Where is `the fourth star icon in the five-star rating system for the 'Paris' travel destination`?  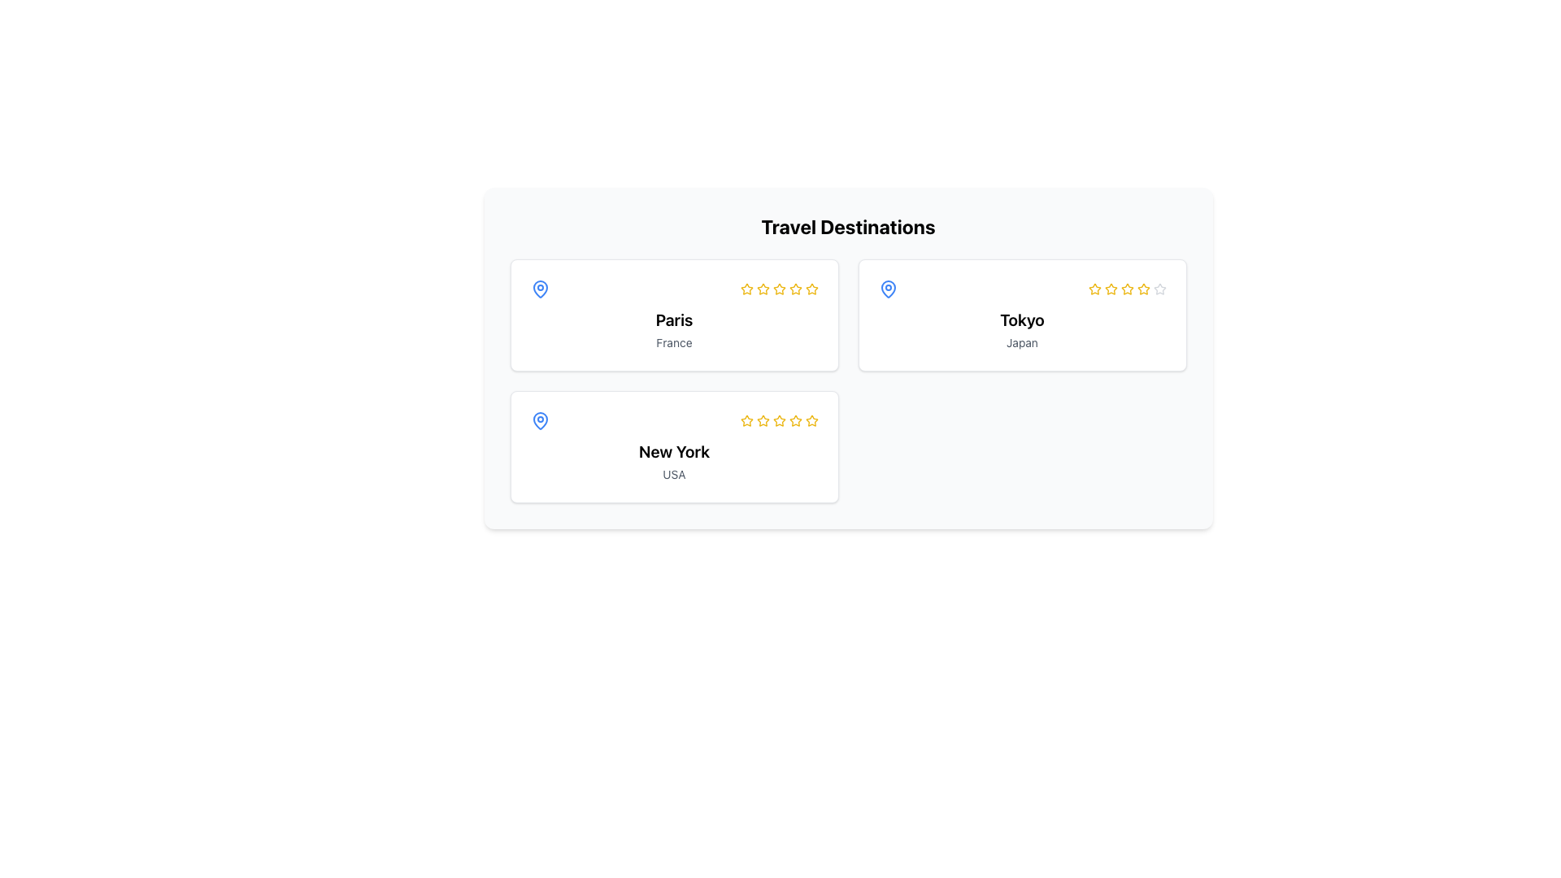 the fourth star icon in the five-star rating system for the 'Paris' travel destination is located at coordinates (778, 288).